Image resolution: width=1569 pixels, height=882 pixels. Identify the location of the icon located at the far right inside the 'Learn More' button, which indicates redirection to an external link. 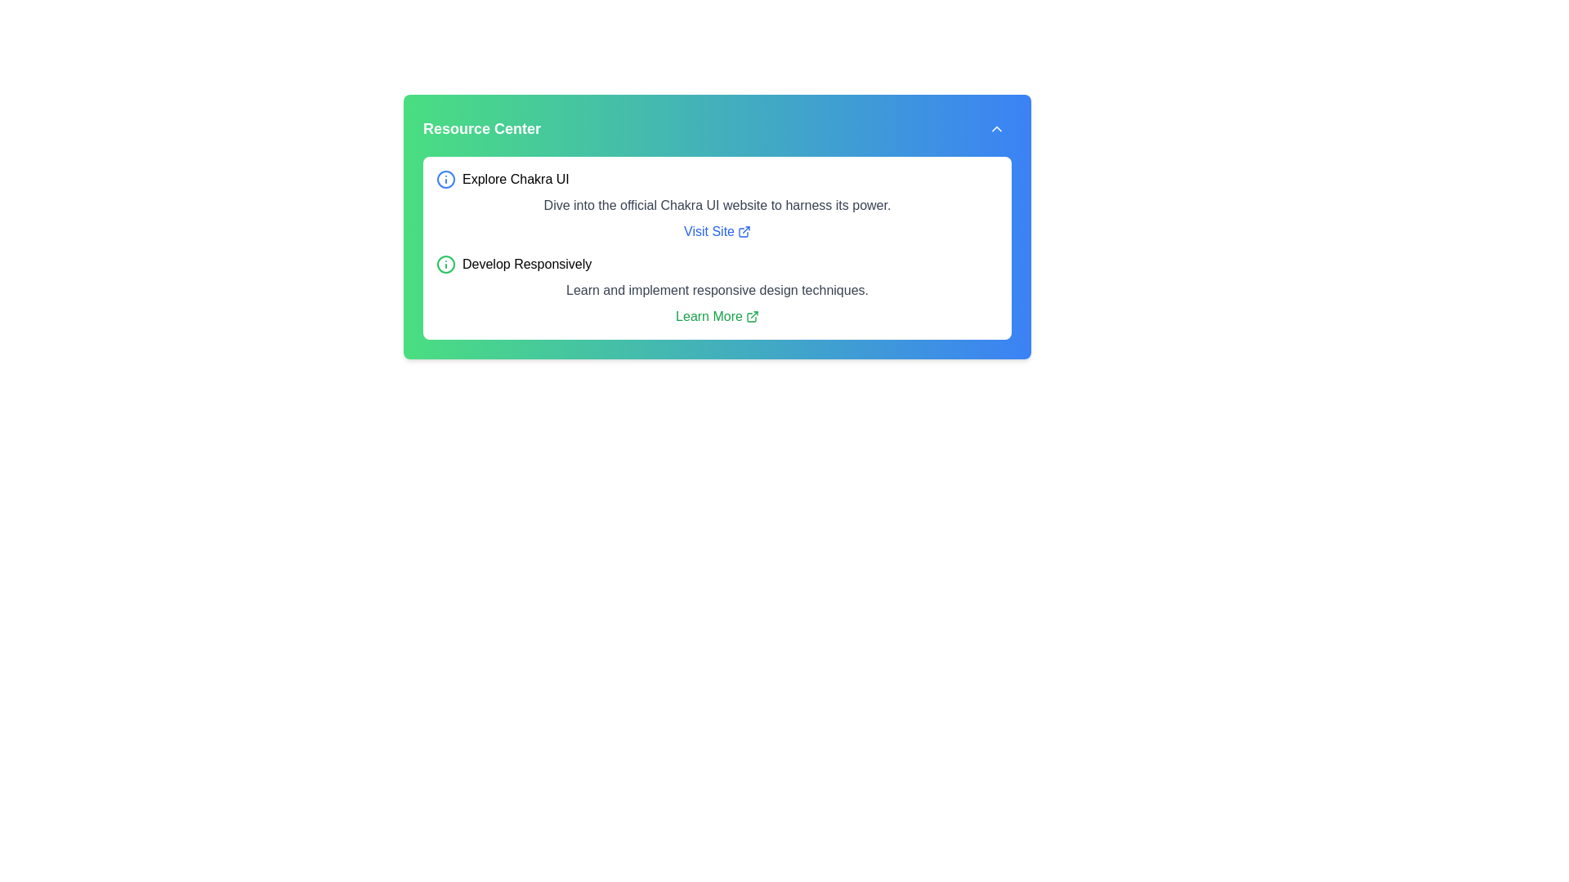
(751, 317).